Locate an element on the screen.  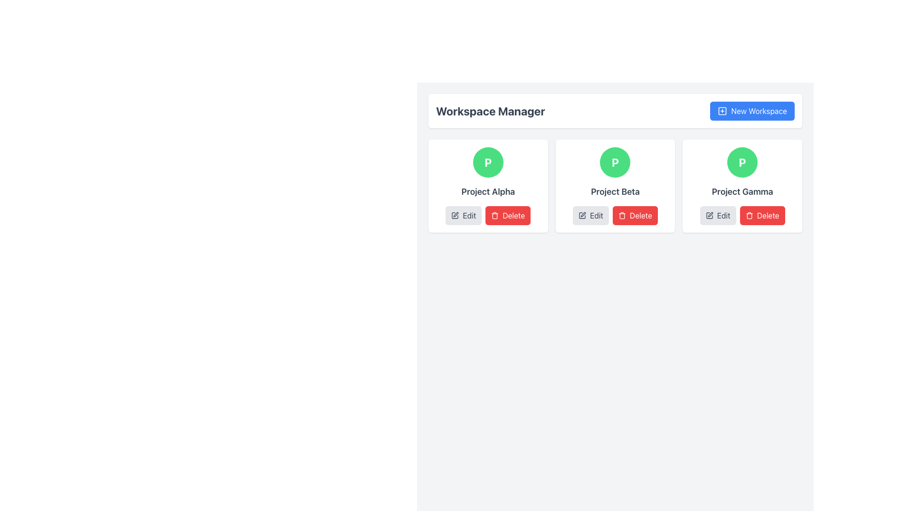
the 'Edit' button located below the 'Project Gamma' card in the third column of the layout is located at coordinates (718, 216).